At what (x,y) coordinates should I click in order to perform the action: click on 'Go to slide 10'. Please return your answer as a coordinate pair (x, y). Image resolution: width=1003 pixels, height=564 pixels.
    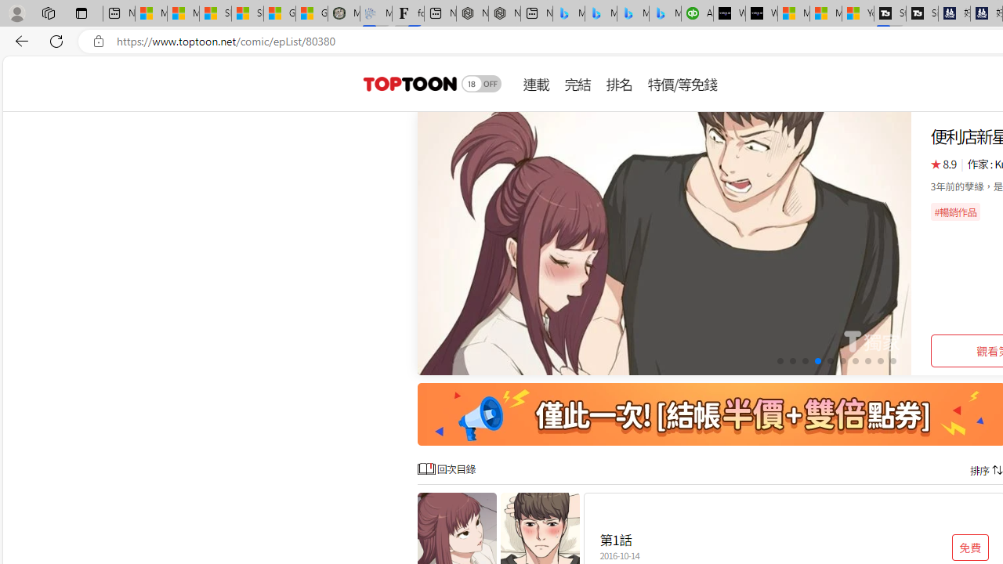
    Looking at the image, I should click on (893, 361).